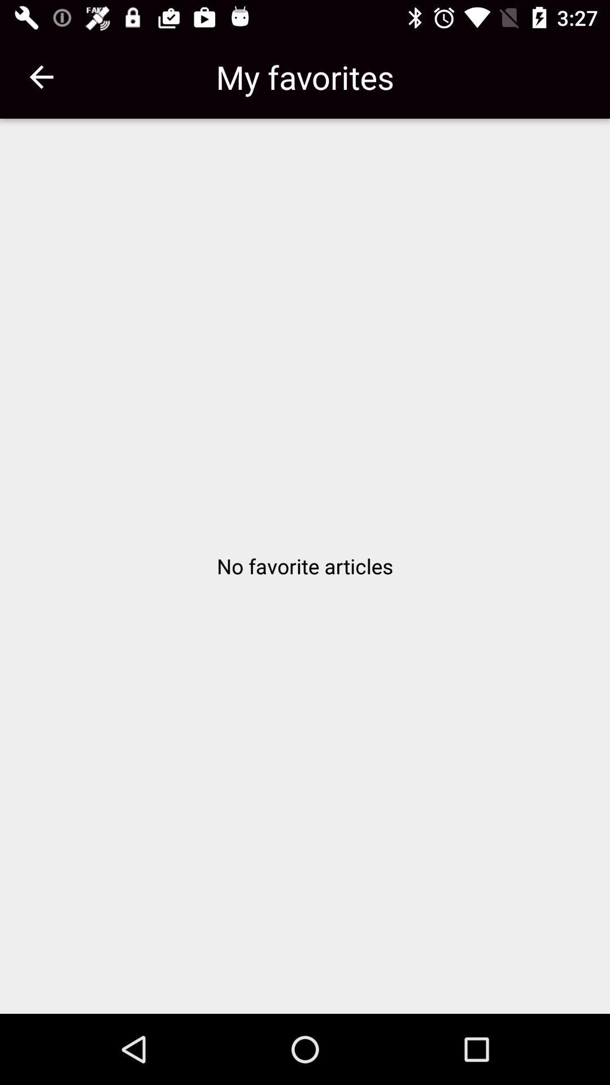 This screenshot has width=610, height=1085. What do you see at coordinates (41, 76) in the screenshot?
I see `item next to my favorites item` at bounding box center [41, 76].